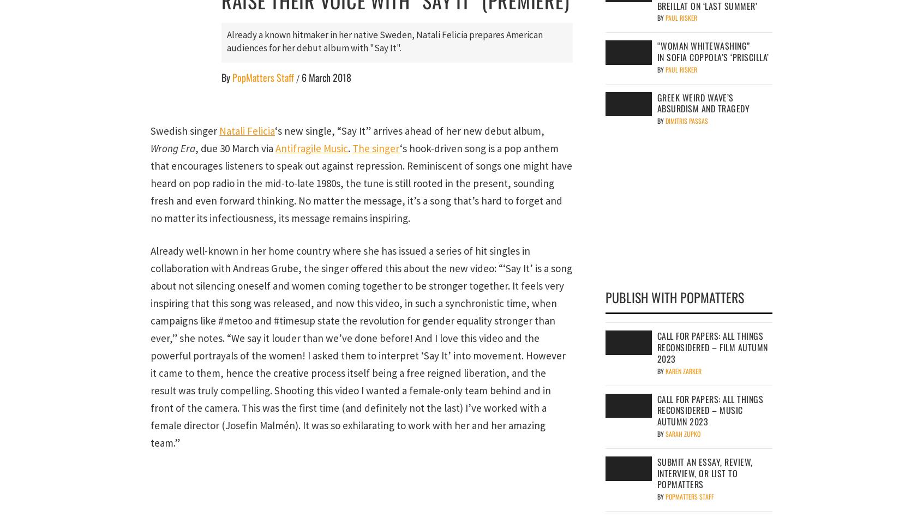 The width and height of the screenshot is (923, 517). What do you see at coordinates (675, 297) in the screenshot?
I see `'Publish with PopMatters'` at bounding box center [675, 297].